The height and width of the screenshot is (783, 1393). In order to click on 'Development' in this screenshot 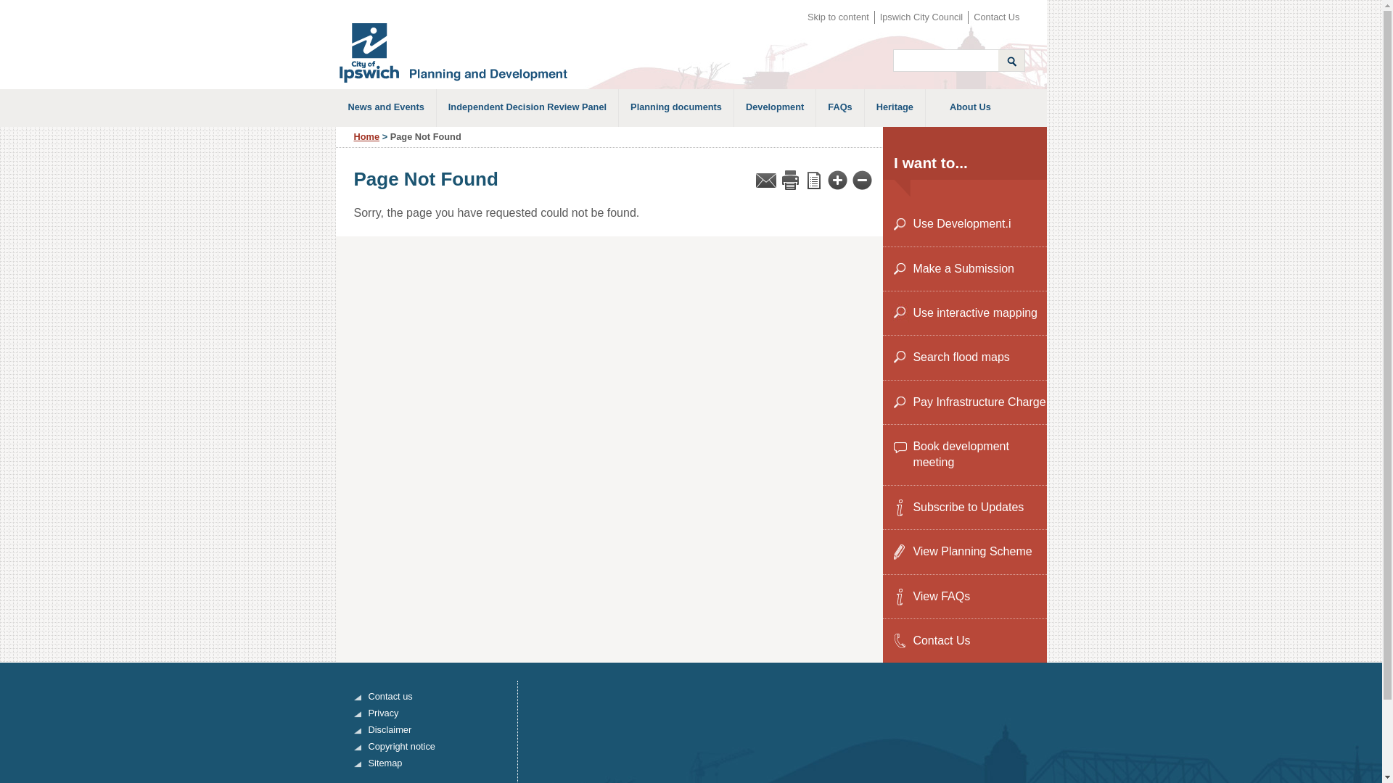, I will do `click(774, 107)`.